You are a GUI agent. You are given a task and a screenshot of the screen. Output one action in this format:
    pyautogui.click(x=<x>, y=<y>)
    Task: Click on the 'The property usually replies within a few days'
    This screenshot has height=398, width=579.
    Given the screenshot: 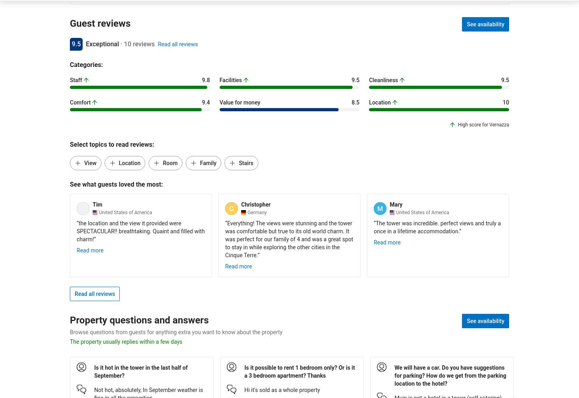 What is the action you would take?
    pyautogui.click(x=126, y=341)
    